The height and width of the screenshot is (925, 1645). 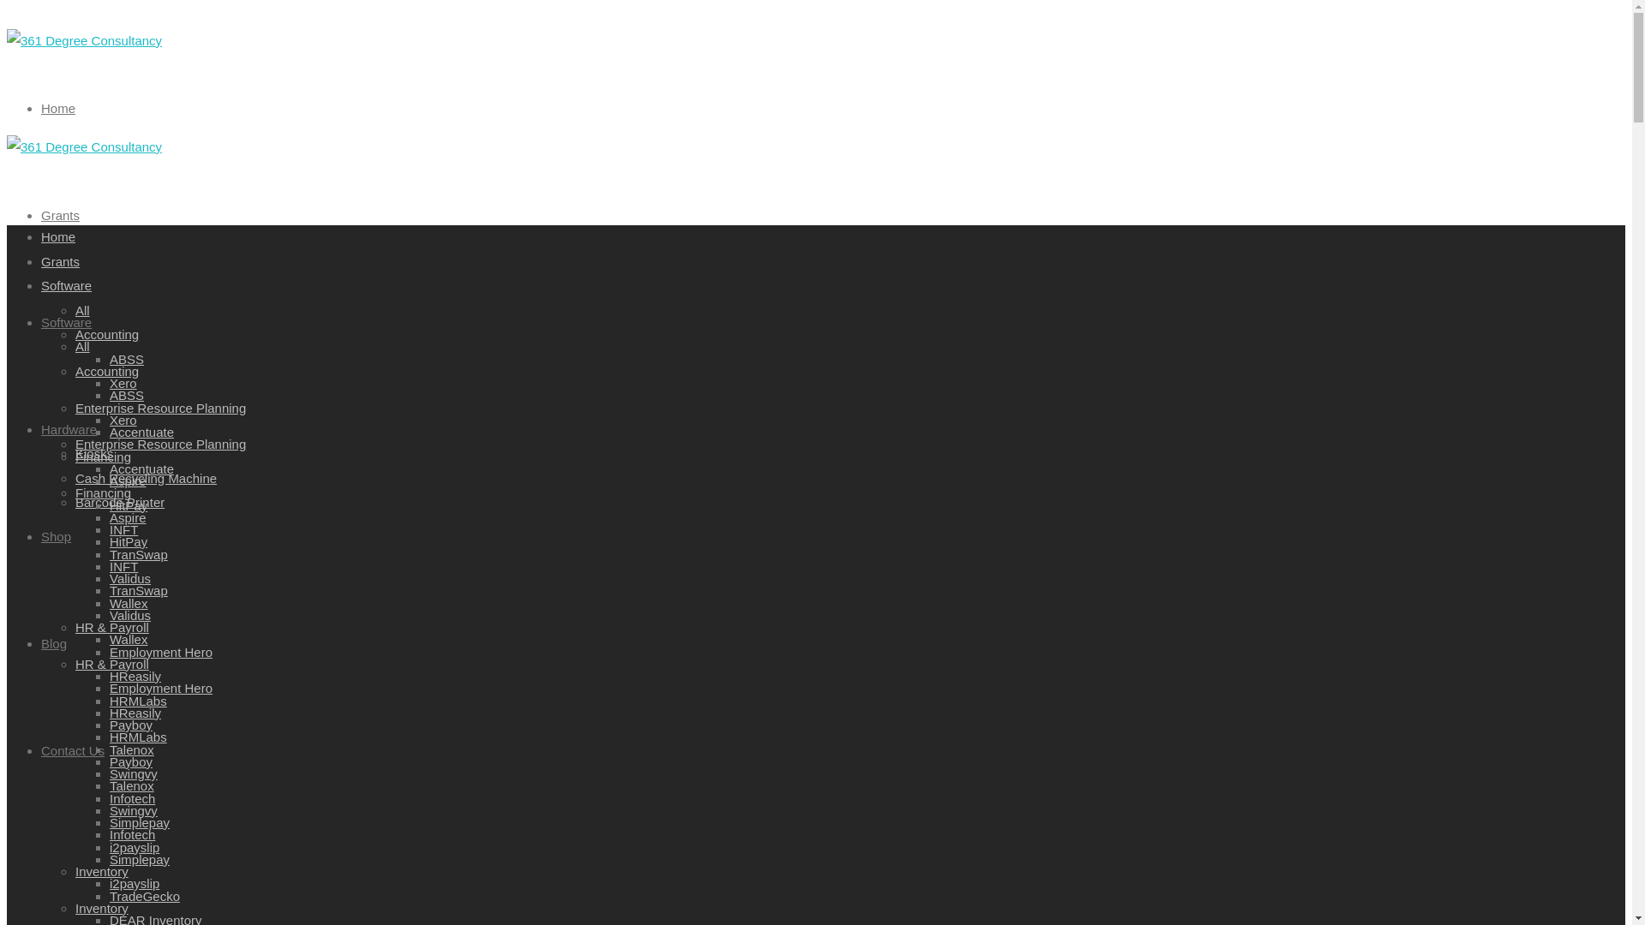 I want to click on 'Simplepay', so click(x=140, y=821).